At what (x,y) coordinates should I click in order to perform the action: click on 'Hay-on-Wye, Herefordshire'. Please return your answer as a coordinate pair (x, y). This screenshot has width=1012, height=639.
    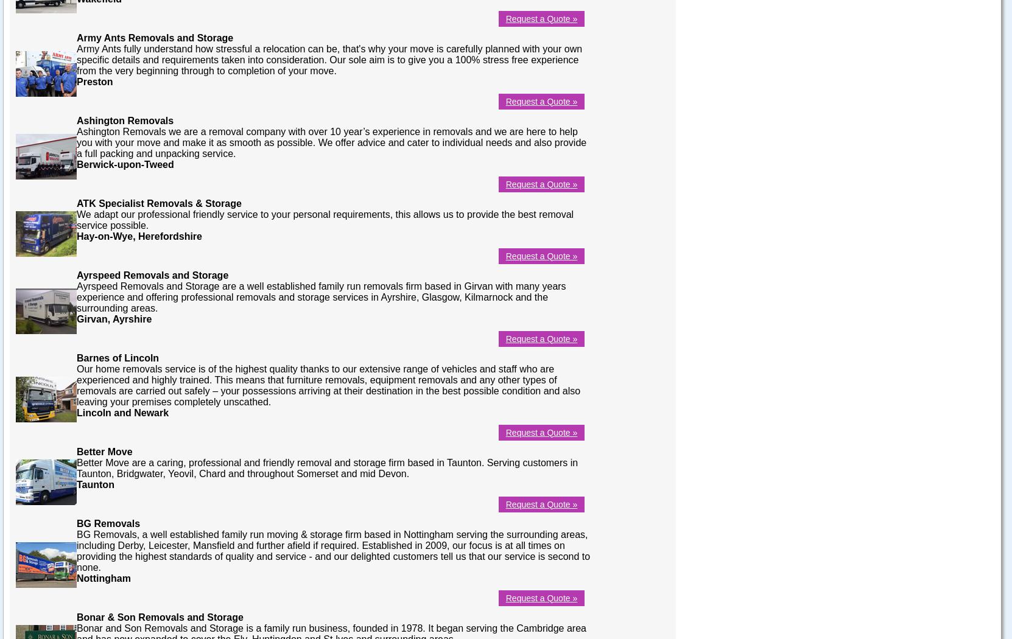
    Looking at the image, I should click on (138, 236).